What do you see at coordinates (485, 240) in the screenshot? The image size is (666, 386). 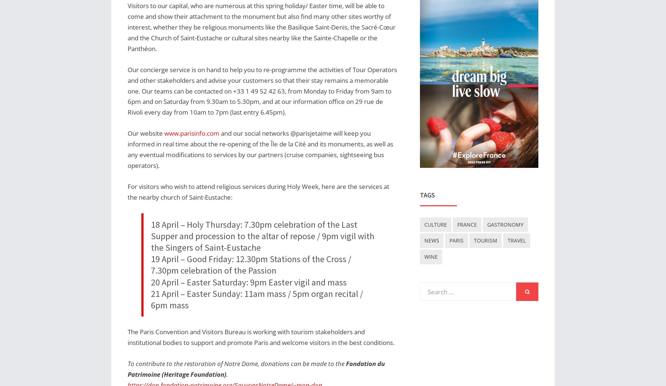 I see `'tourism'` at bounding box center [485, 240].